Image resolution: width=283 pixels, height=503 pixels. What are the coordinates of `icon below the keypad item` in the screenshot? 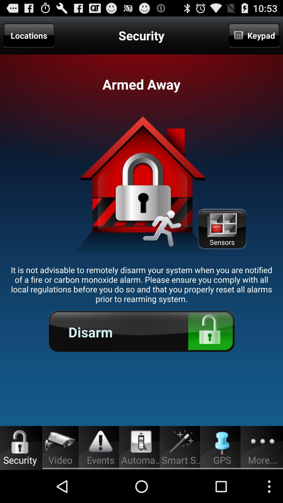 It's located at (222, 229).